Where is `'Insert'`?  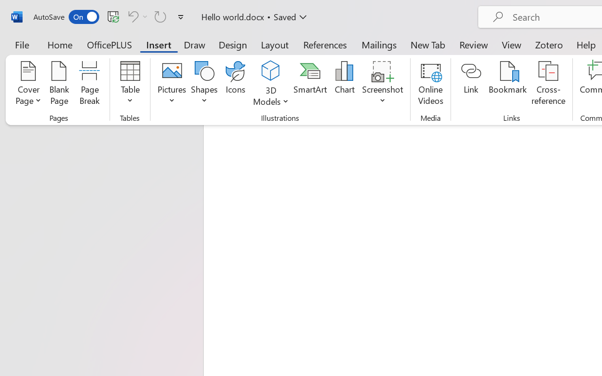
'Insert' is located at coordinates (158, 44).